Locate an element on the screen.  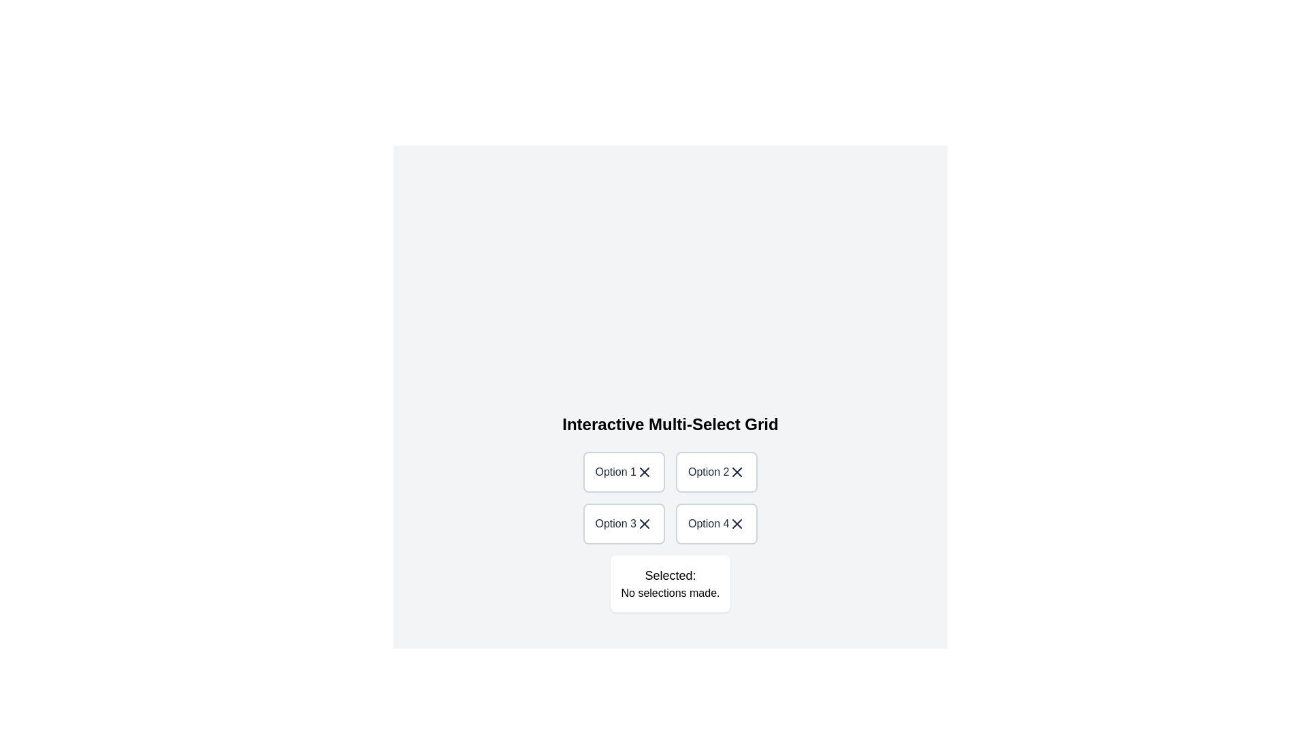
the option Option 2 by clicking on it is located at coordinates (716, 472).